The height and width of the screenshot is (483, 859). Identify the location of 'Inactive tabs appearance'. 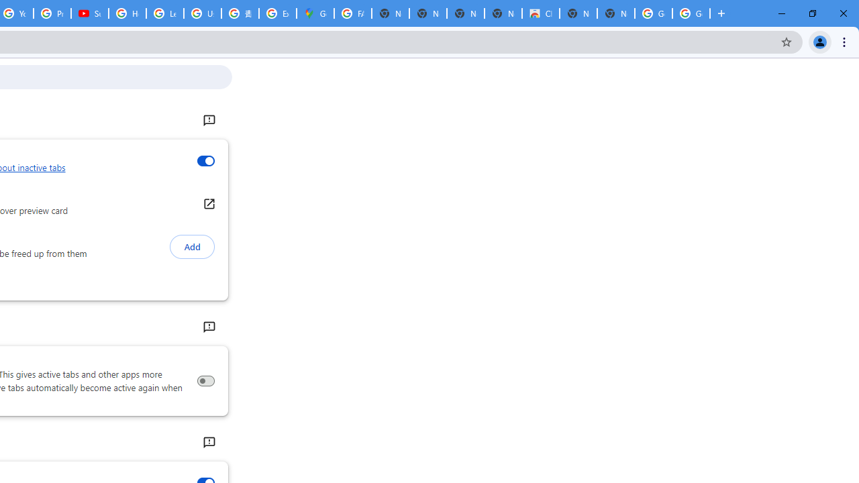
(205, 160).